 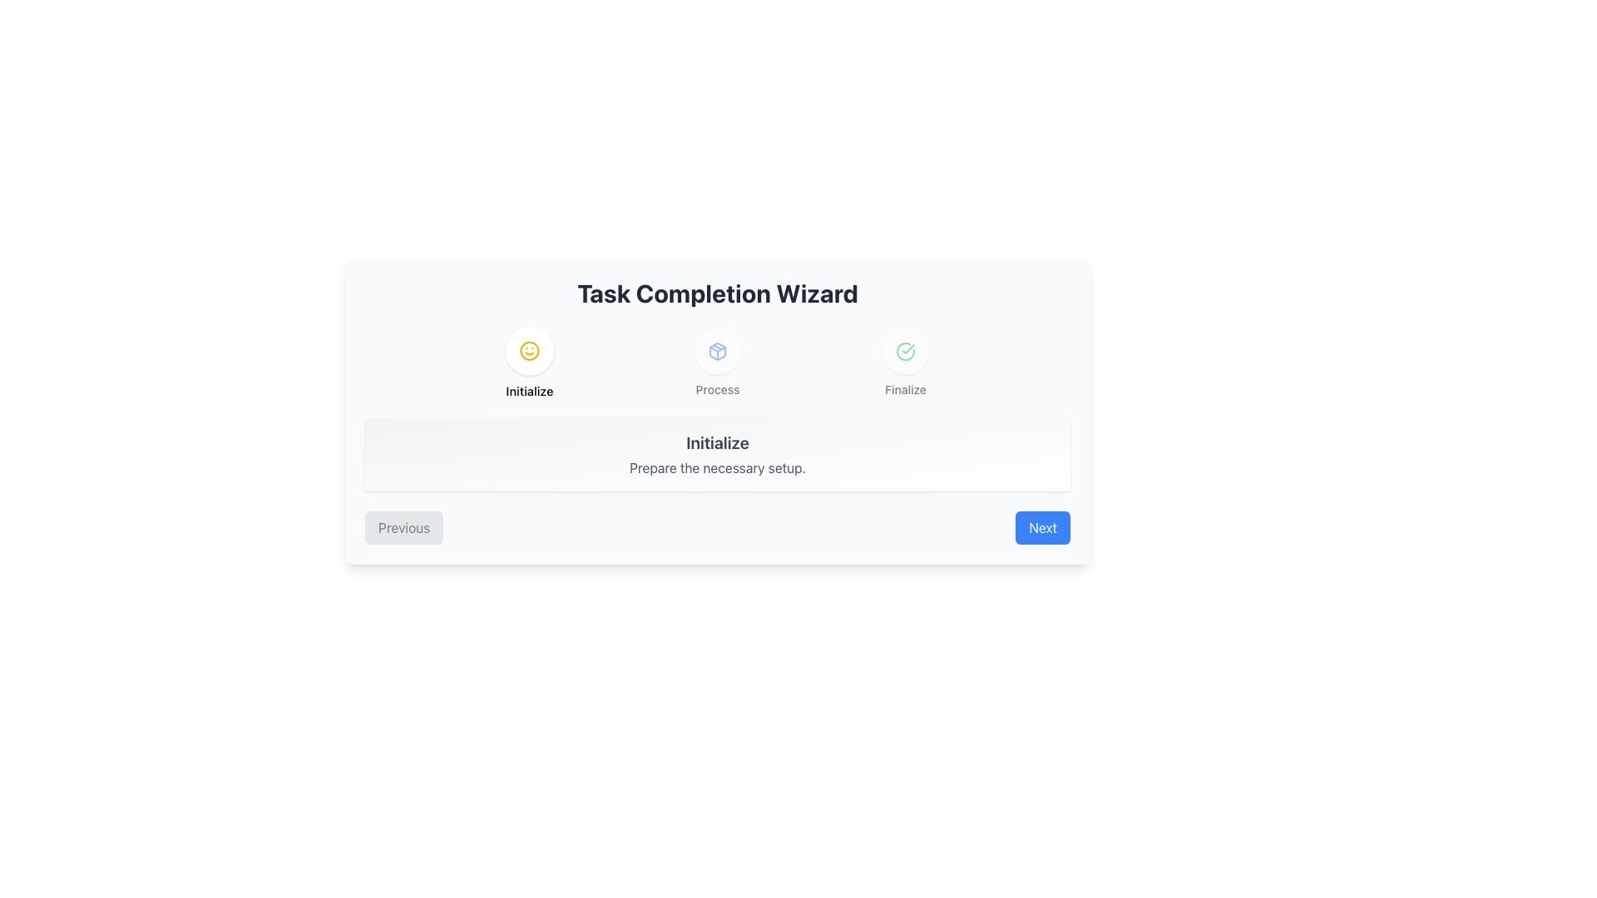 What do you see at coordinates (529, 362) in the screenshot?
I see `the first interactive card, which represents the initialization phase in a process` at bounding box center [529, 362].